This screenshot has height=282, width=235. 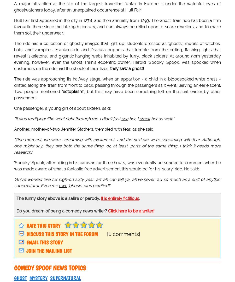 What do you see at coordinates (65, 278) in the screenshot?
I see `'supernatural'` at bounding box center [65, 278].